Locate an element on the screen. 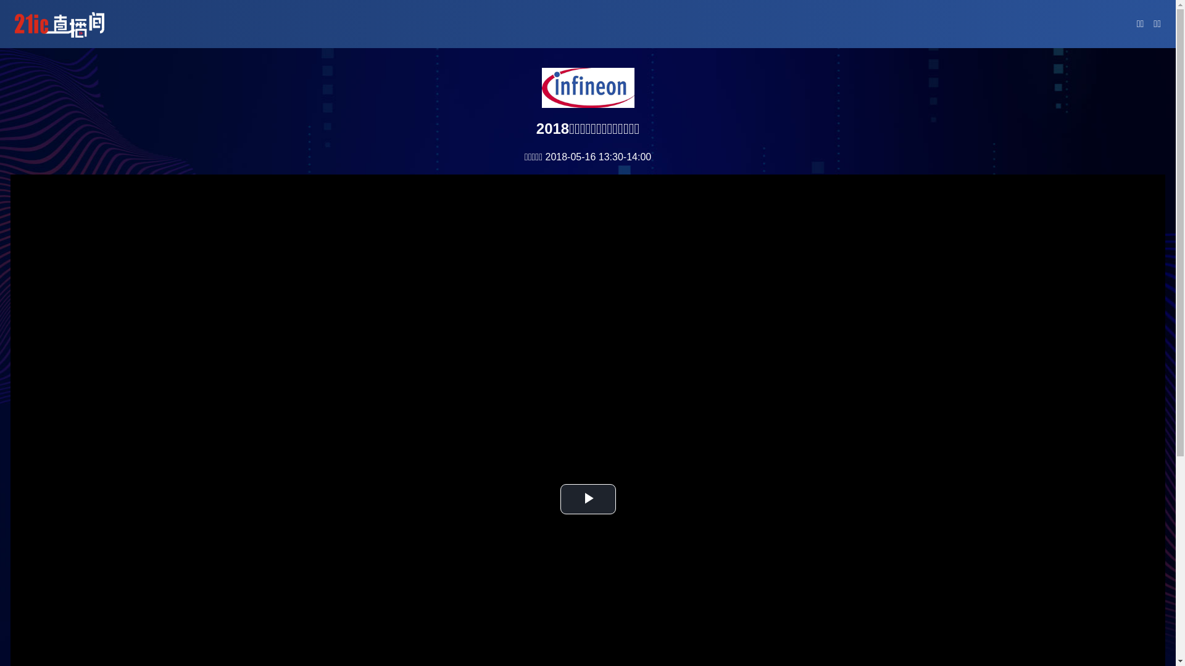 The width and height of the screenshot is (1185, 666). 'Play Video' is located at coordinates (588, 498).